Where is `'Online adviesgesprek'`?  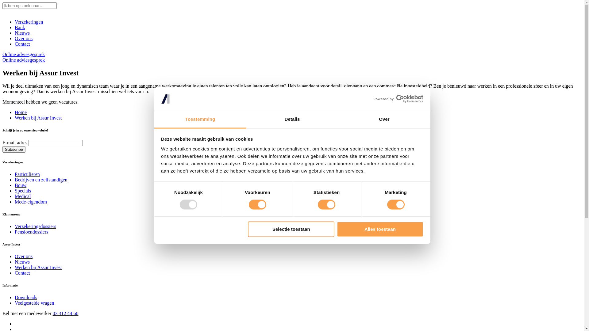 'Online adviesgesprek' is located at coordinates (23, 60).